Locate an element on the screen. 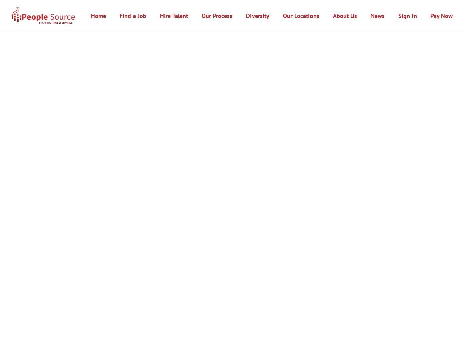 This screenshot has width=463, height=347. 'Home' is located at coordinates (98, 15).